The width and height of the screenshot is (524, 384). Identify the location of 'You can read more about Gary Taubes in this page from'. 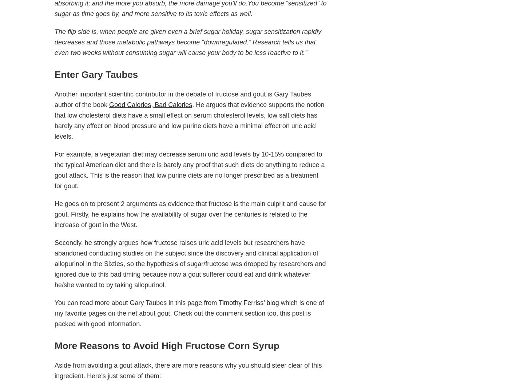
(136, 302).